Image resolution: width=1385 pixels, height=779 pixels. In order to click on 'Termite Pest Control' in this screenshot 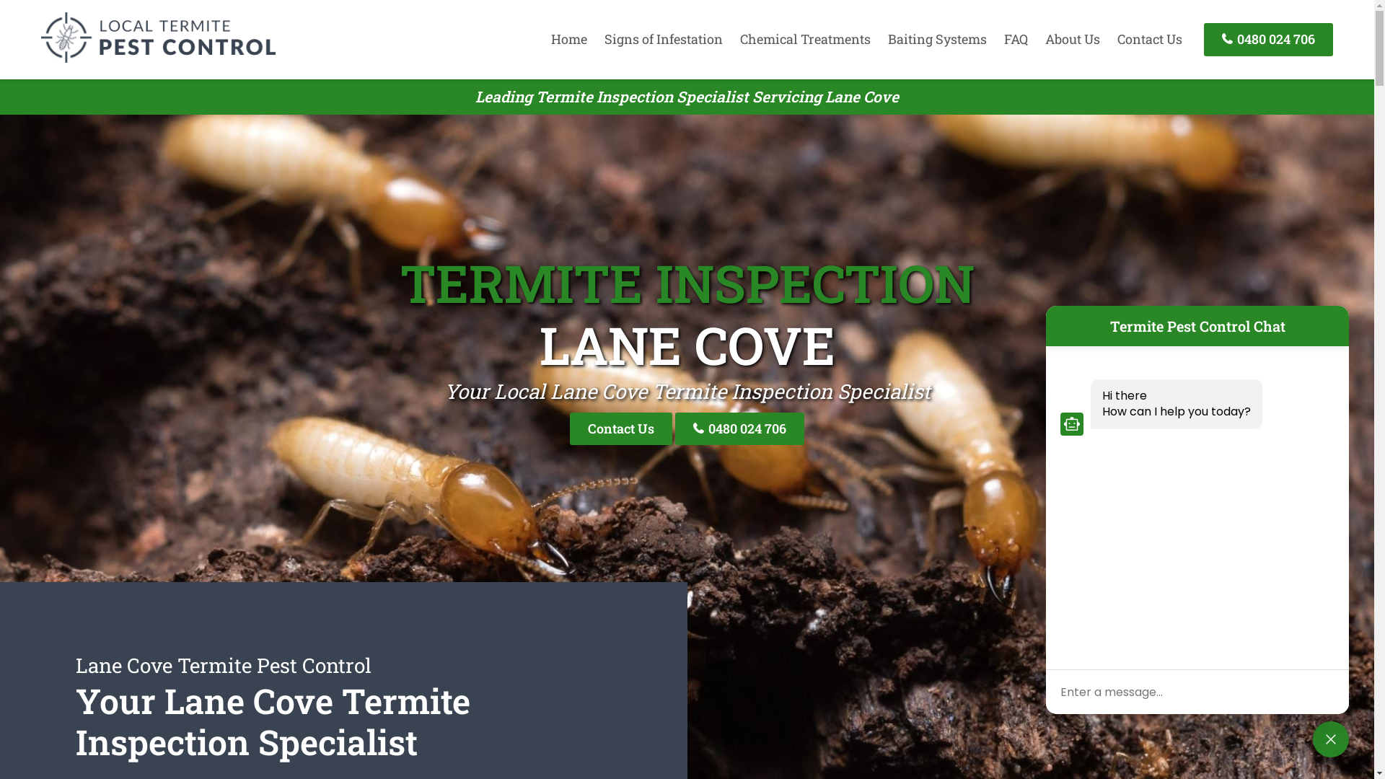, I will do `click(158, 57)`.